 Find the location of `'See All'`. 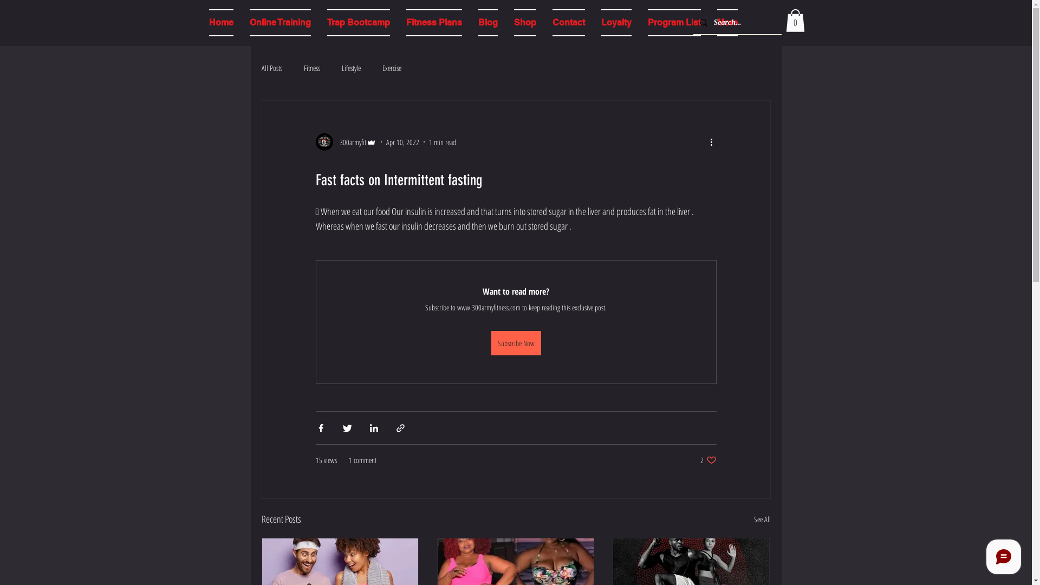

'See All' is located at coordinates (762, 518).